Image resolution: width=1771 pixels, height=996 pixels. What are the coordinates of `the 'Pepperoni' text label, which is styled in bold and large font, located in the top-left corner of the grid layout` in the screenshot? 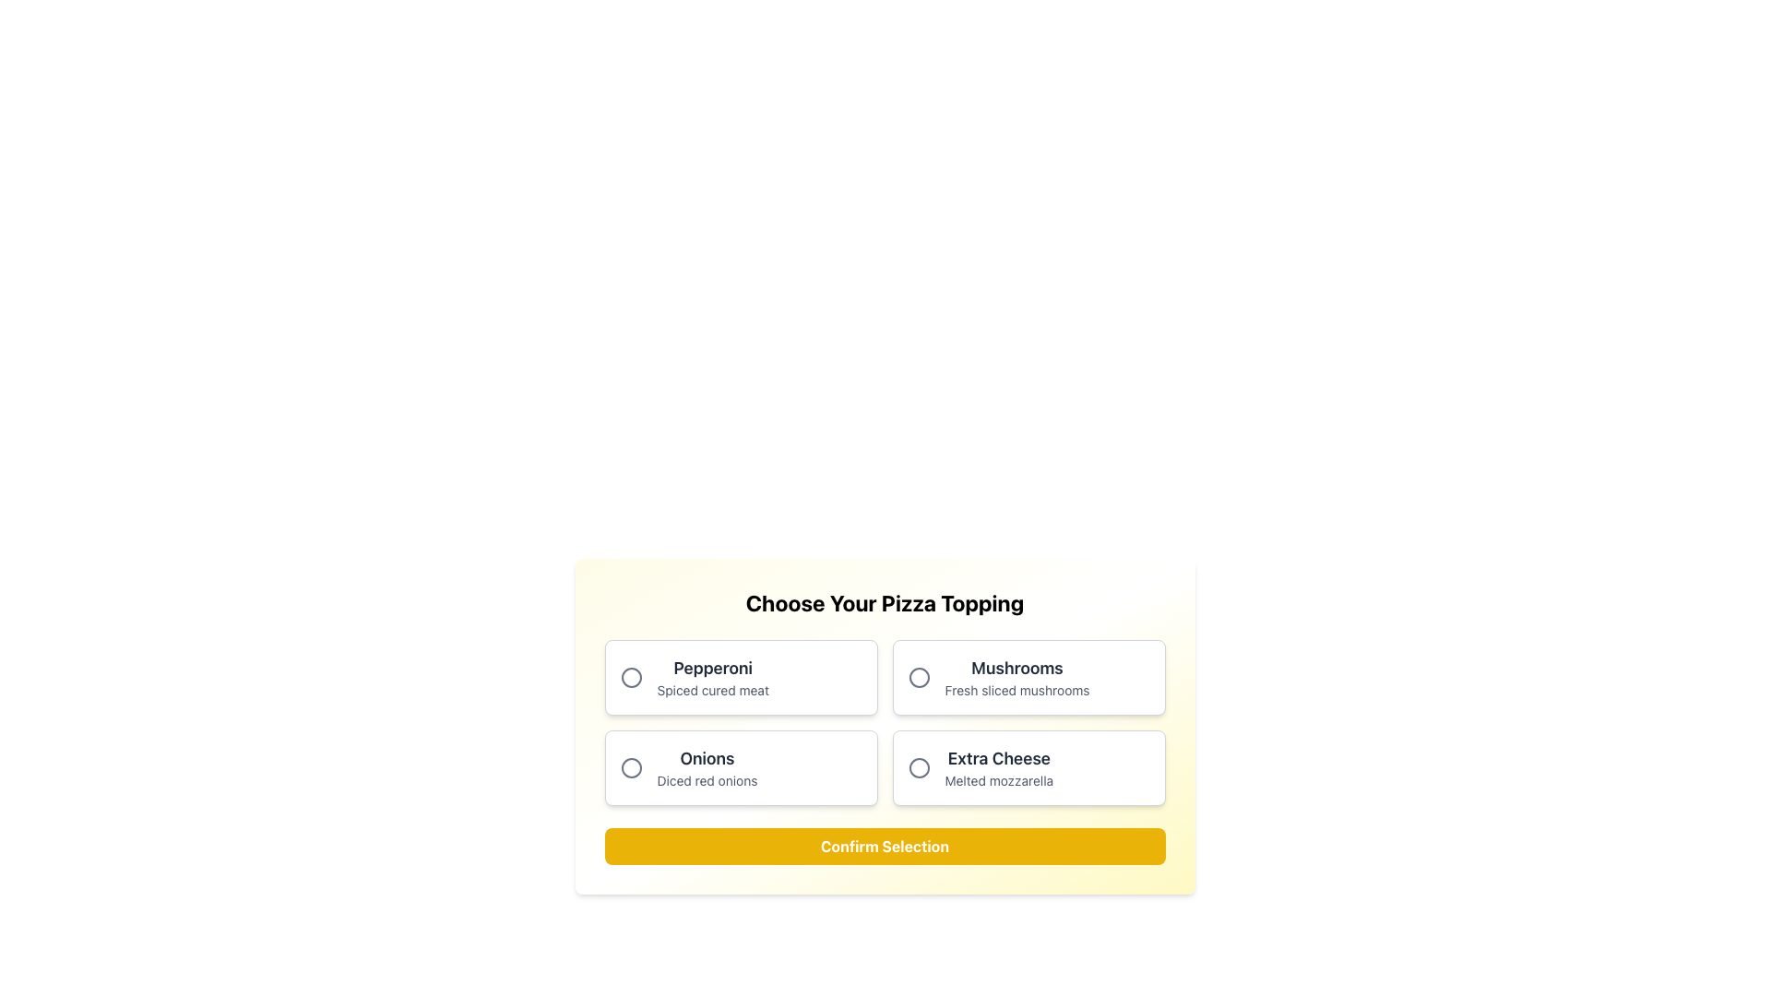 It's located at (712, 678).